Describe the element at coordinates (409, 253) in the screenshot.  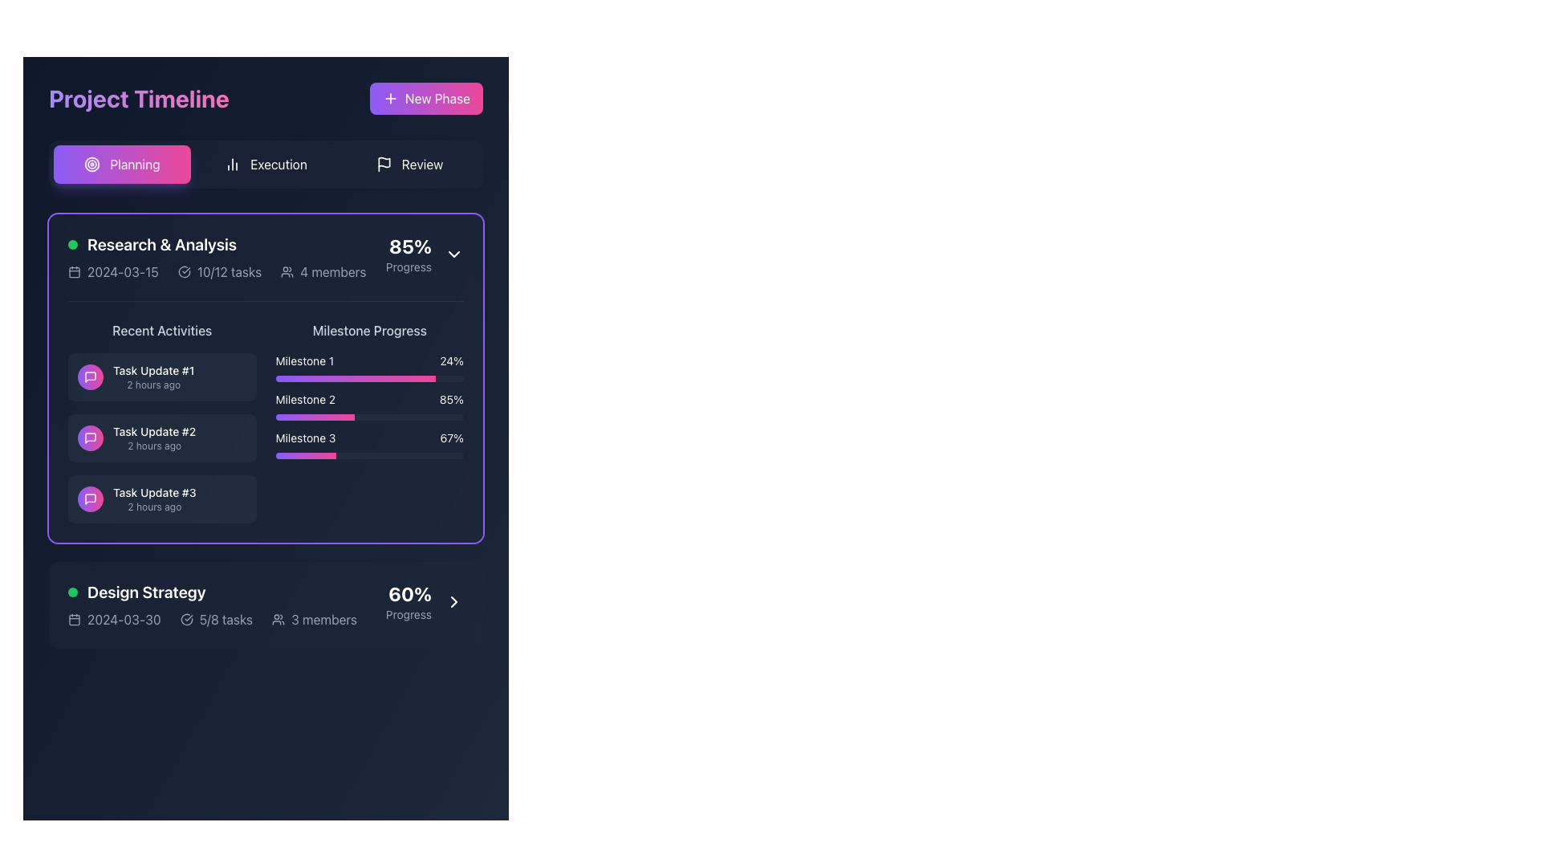
I see `the progress indicator text display located in the 'Research & Analysis' section, positioned at the top right-hand side adjacent to an icon` at that location.